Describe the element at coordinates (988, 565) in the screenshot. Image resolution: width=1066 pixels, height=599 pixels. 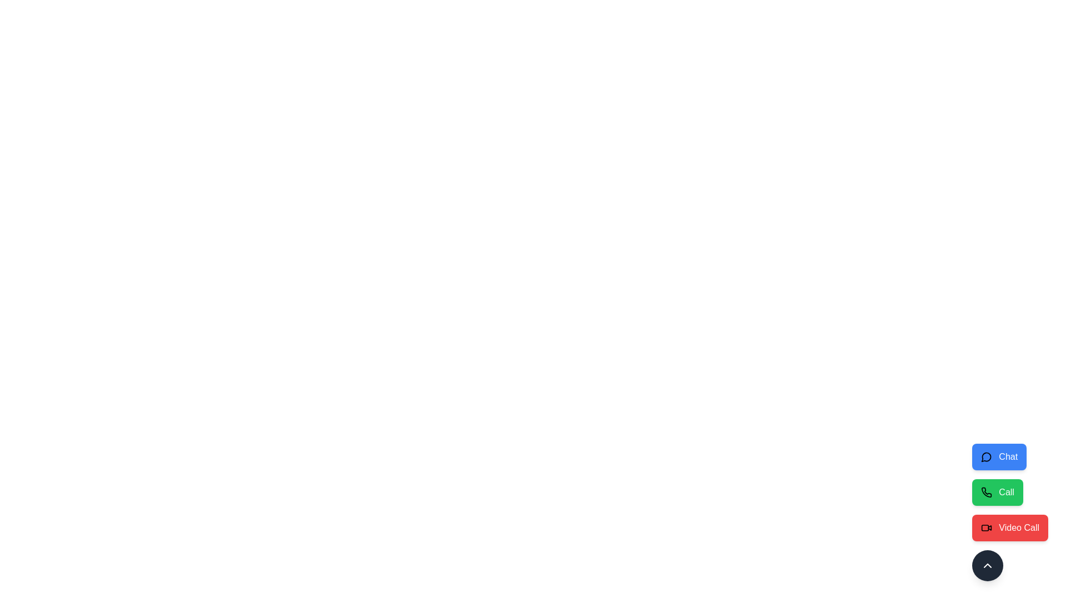
I see `toggle button to change the visibility of the action menu` at that location.